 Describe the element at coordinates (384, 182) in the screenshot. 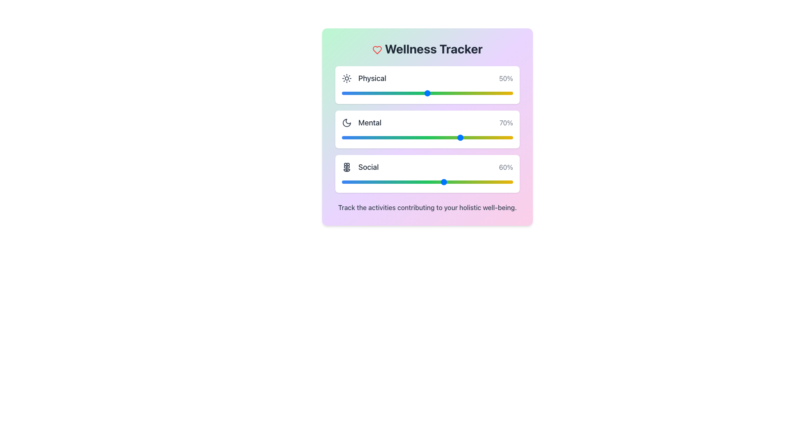

I see `the social tracker slider` at that location.